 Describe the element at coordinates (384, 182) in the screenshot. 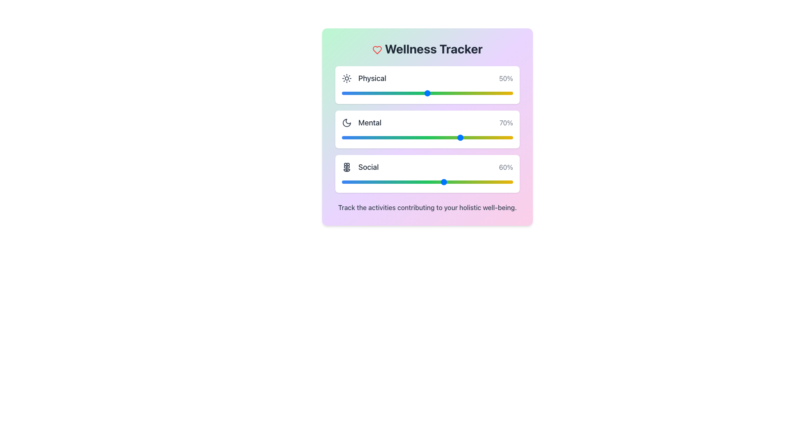

I see `the social tracker slider` at that location.